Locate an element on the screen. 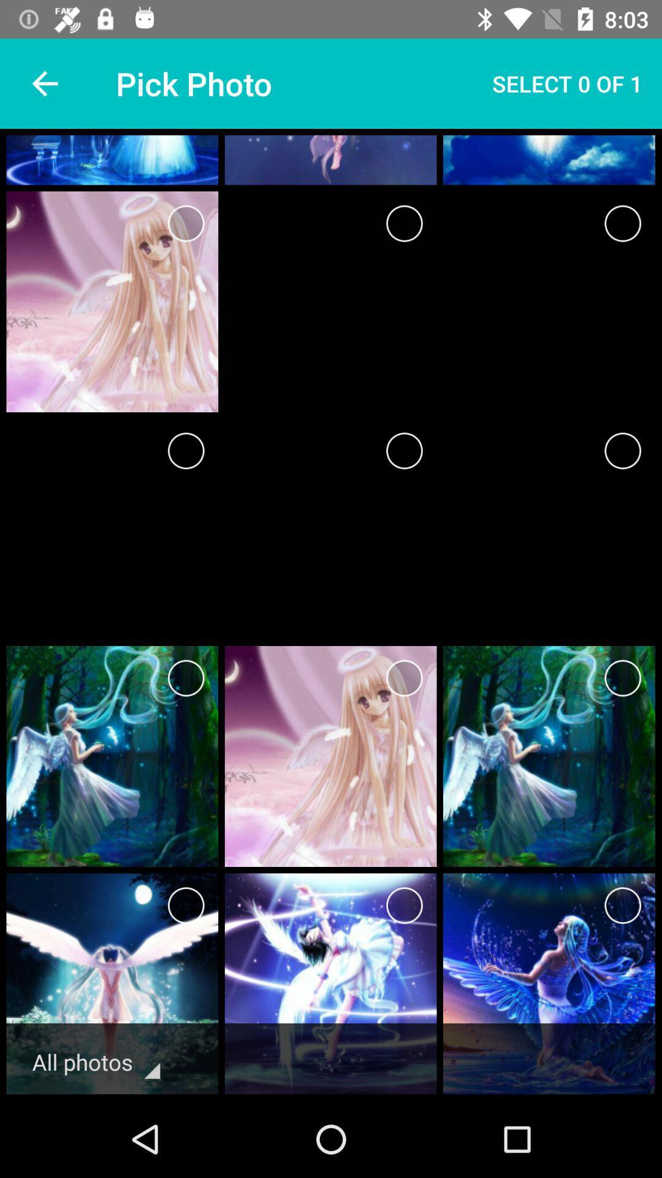 This screenshot has height=1178, width=662. choose the image is located at coordinates (623, 677).